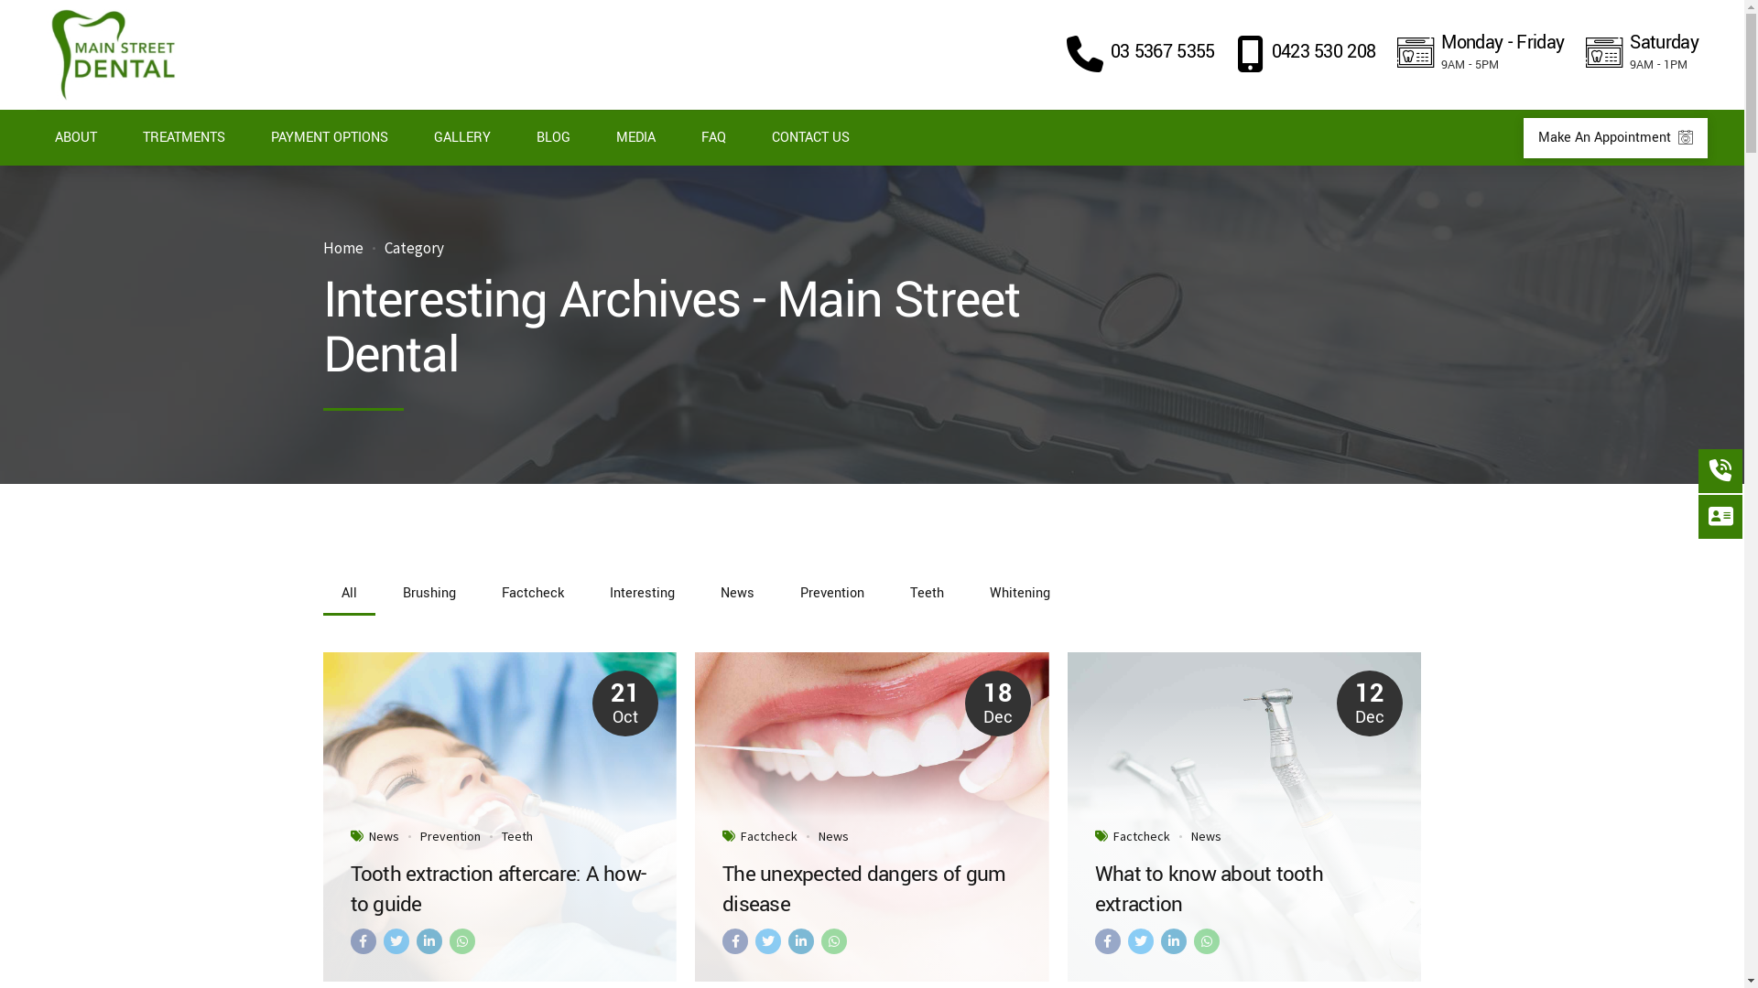  I want to click on 'GALLERY', so click(461, 136).